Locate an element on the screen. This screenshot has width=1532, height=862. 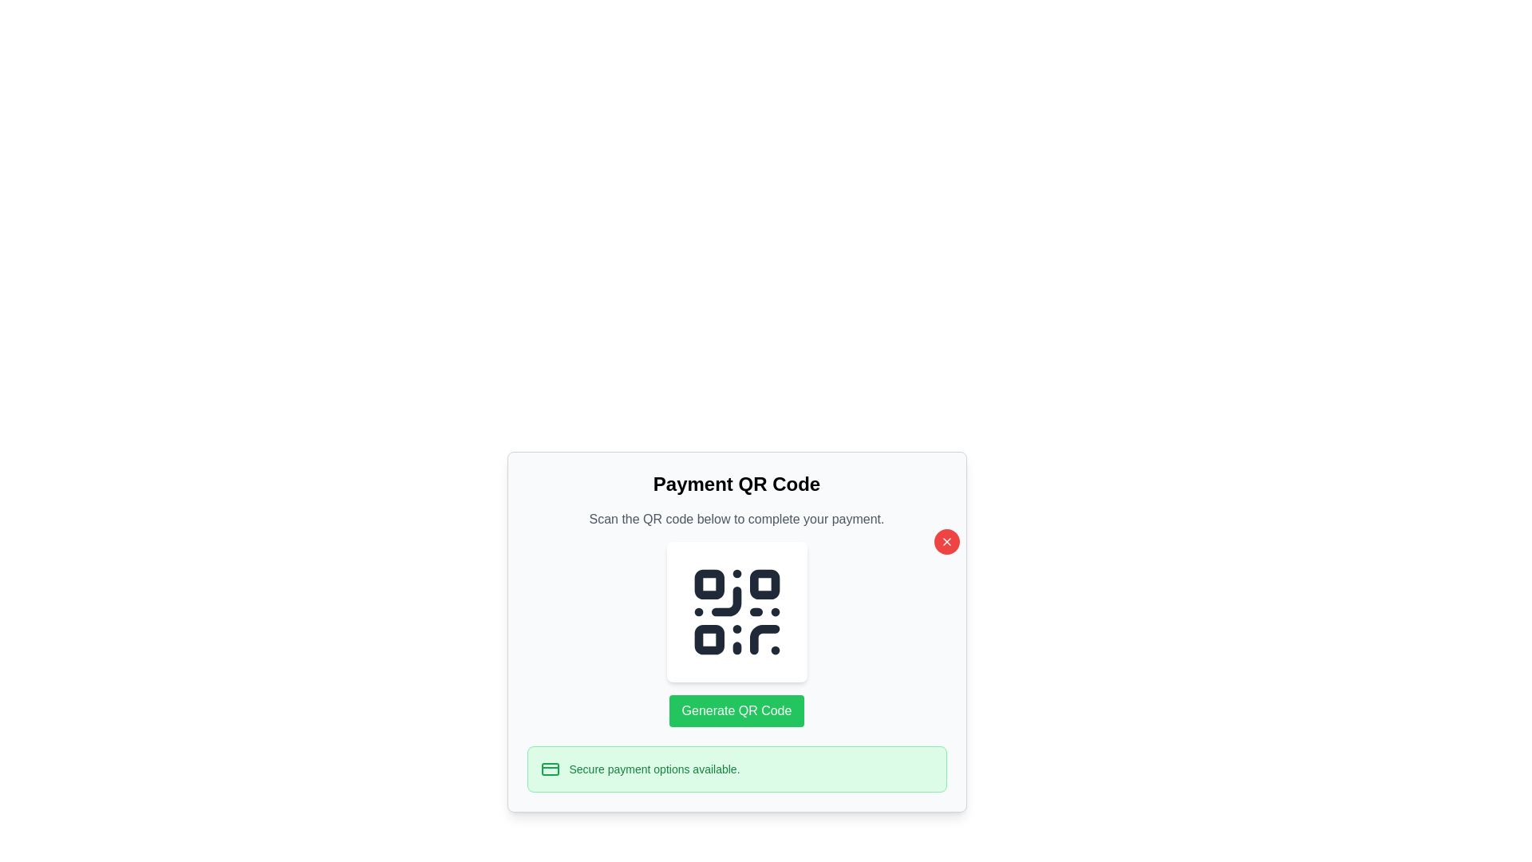
instructions from the static text label that says 'Scan the QR code below to complete your payment.' which is positioned below the 'Payment QR Code' heading is located at coordinates (736, 520).